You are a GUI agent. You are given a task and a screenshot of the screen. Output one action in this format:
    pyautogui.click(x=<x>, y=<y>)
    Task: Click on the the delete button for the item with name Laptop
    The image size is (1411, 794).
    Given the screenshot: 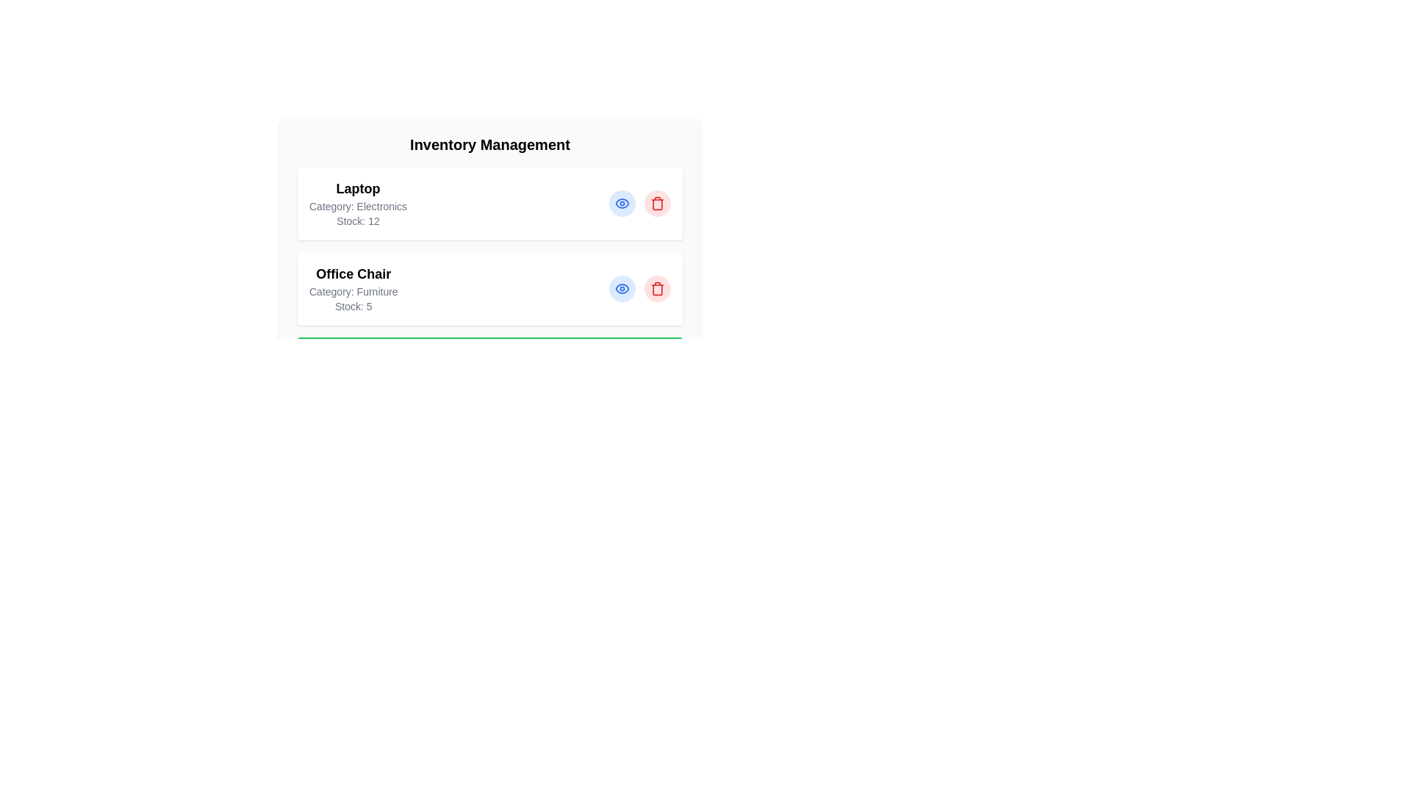 What is the action you would take?
    pyautogui.click(x=656, y=204)
    